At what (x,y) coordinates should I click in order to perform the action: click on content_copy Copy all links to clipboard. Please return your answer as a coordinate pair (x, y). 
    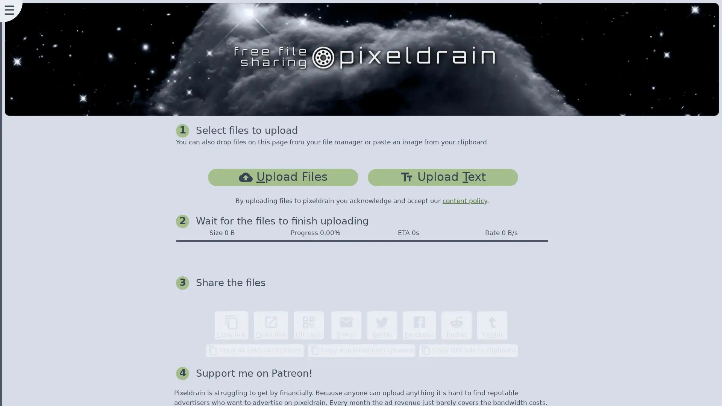
    Looking at the image, I should click on (308, 350).